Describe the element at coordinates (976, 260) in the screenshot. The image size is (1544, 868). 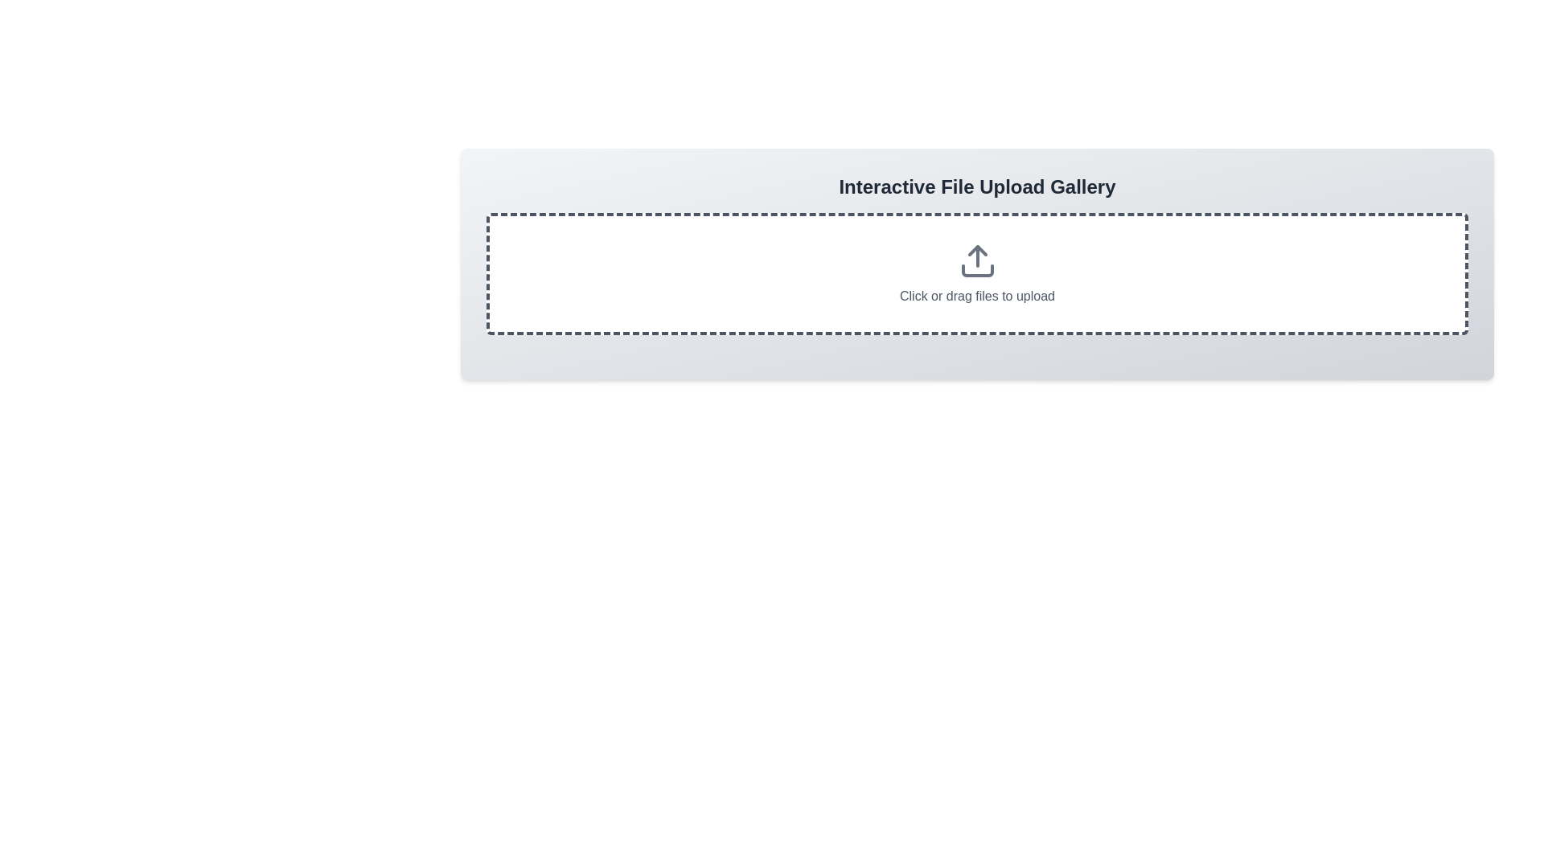
I see `the upload icon, which is an arrow pointing upwards into a tray, located centrally within a dashed rectangle above the text prompt 'Click or drag files to upload.'` at that location.